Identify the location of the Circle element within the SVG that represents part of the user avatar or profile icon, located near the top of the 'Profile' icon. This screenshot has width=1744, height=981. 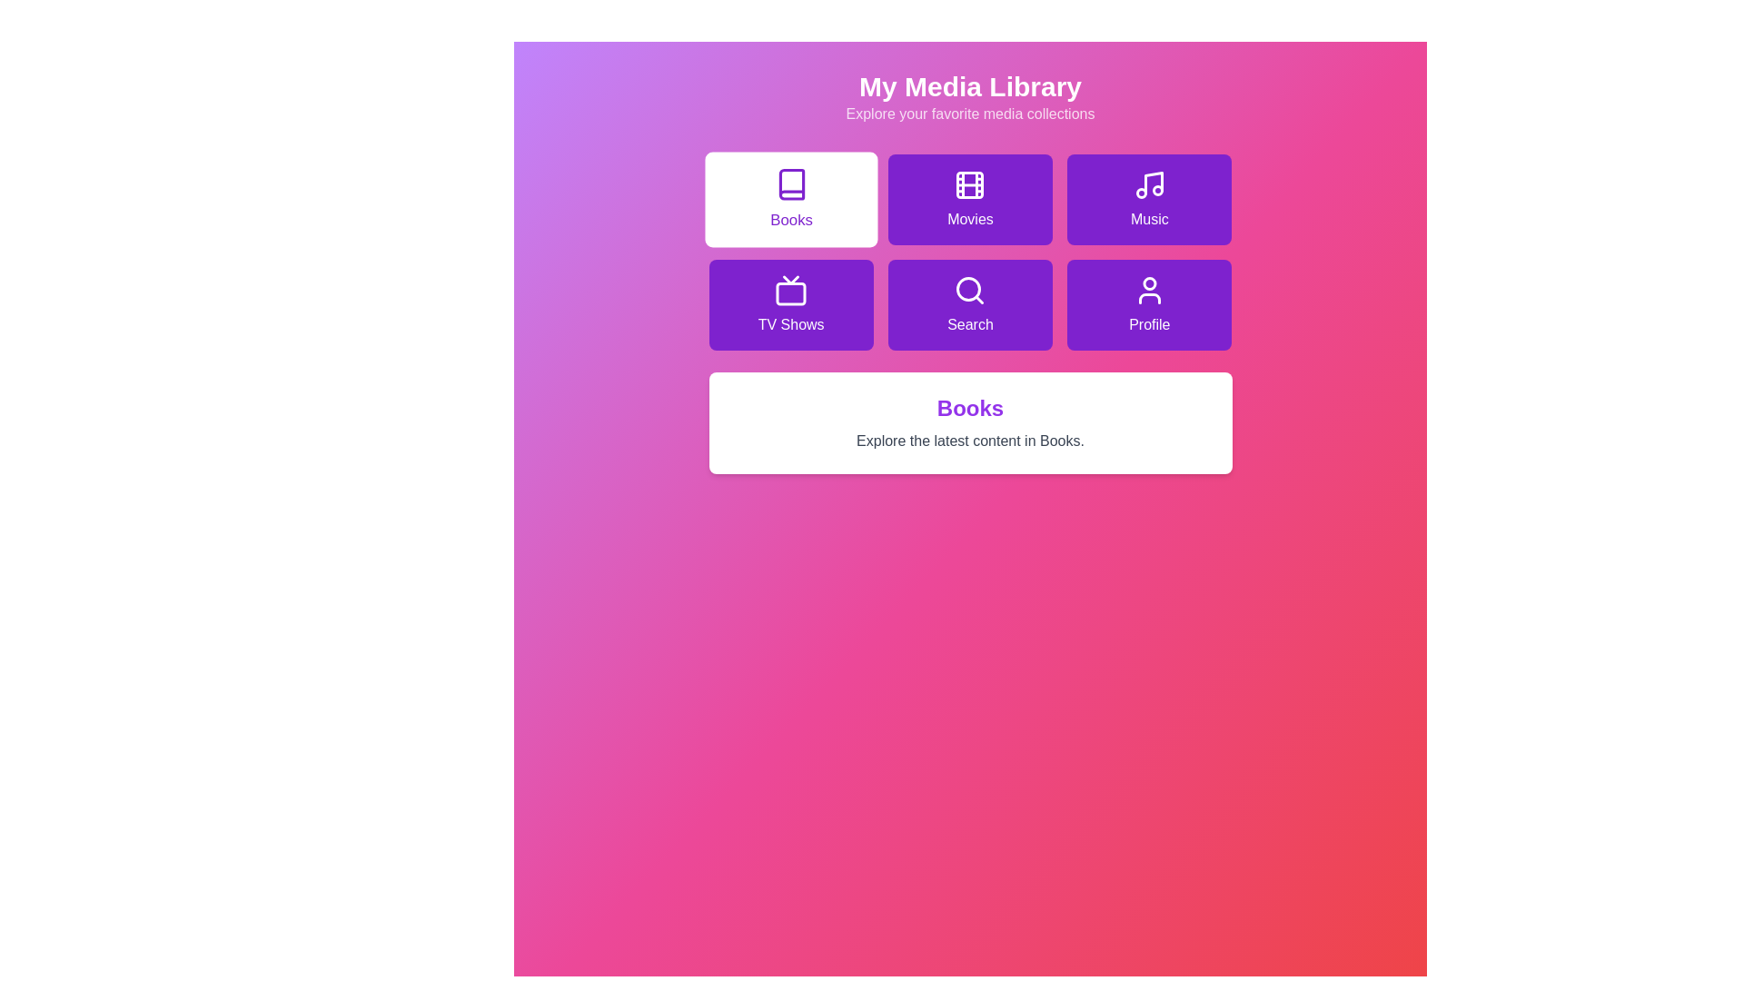
(1148, 283).